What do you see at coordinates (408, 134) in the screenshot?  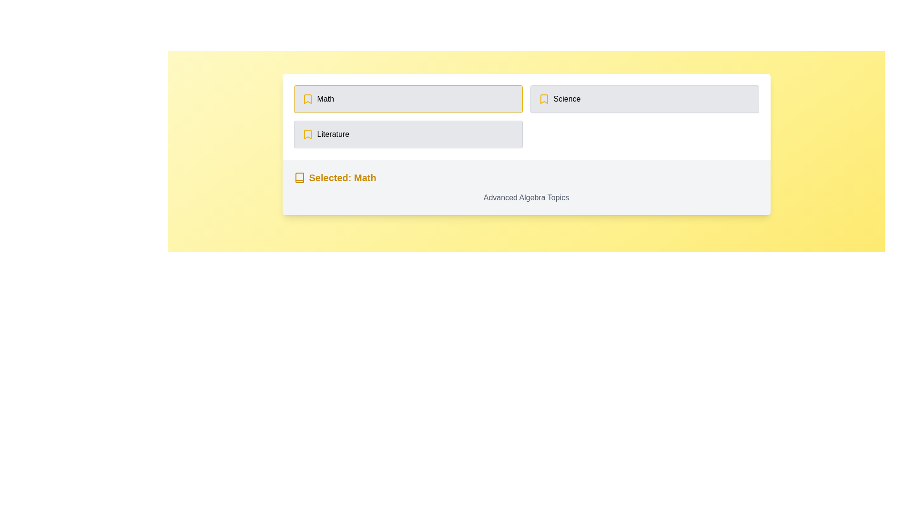 I see `the 'Literature' selectable option located below the 'Math' and 'Science' sections` at bounding box center [408, 134].